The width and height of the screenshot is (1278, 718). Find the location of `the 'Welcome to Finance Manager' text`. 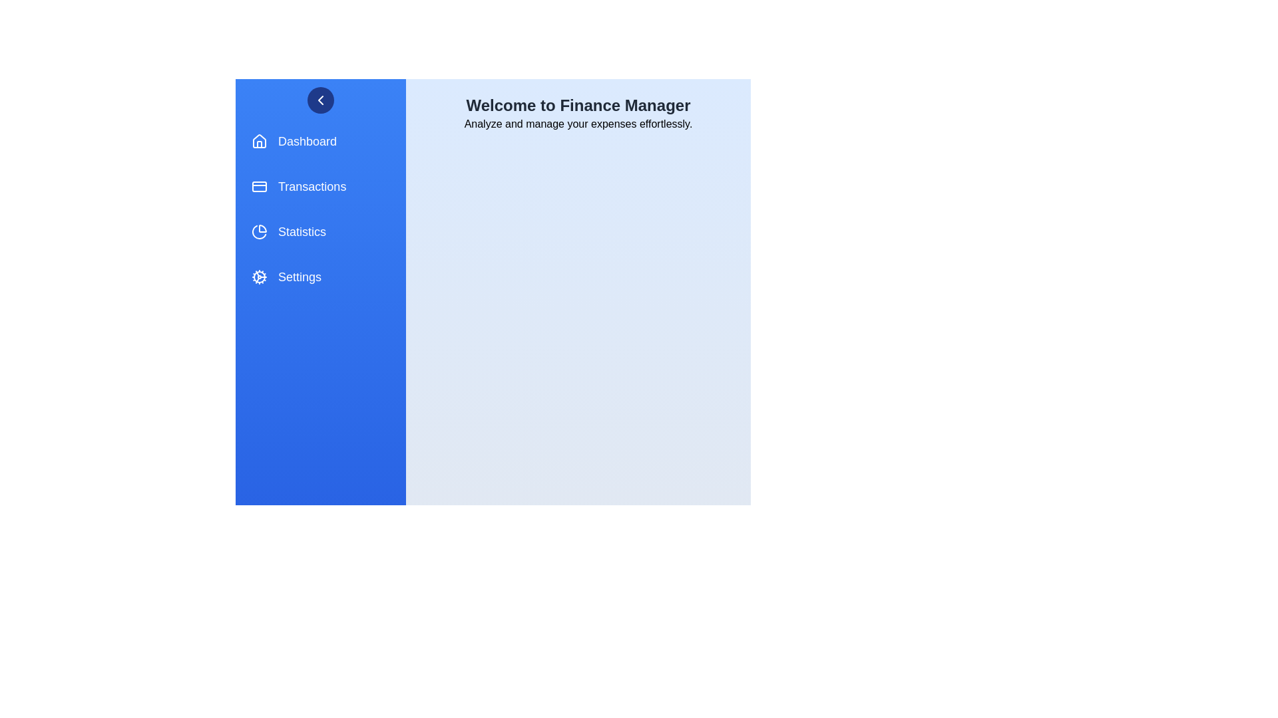

the 'Welcome to Finance Manager' text is located at coordinates (578, 104).